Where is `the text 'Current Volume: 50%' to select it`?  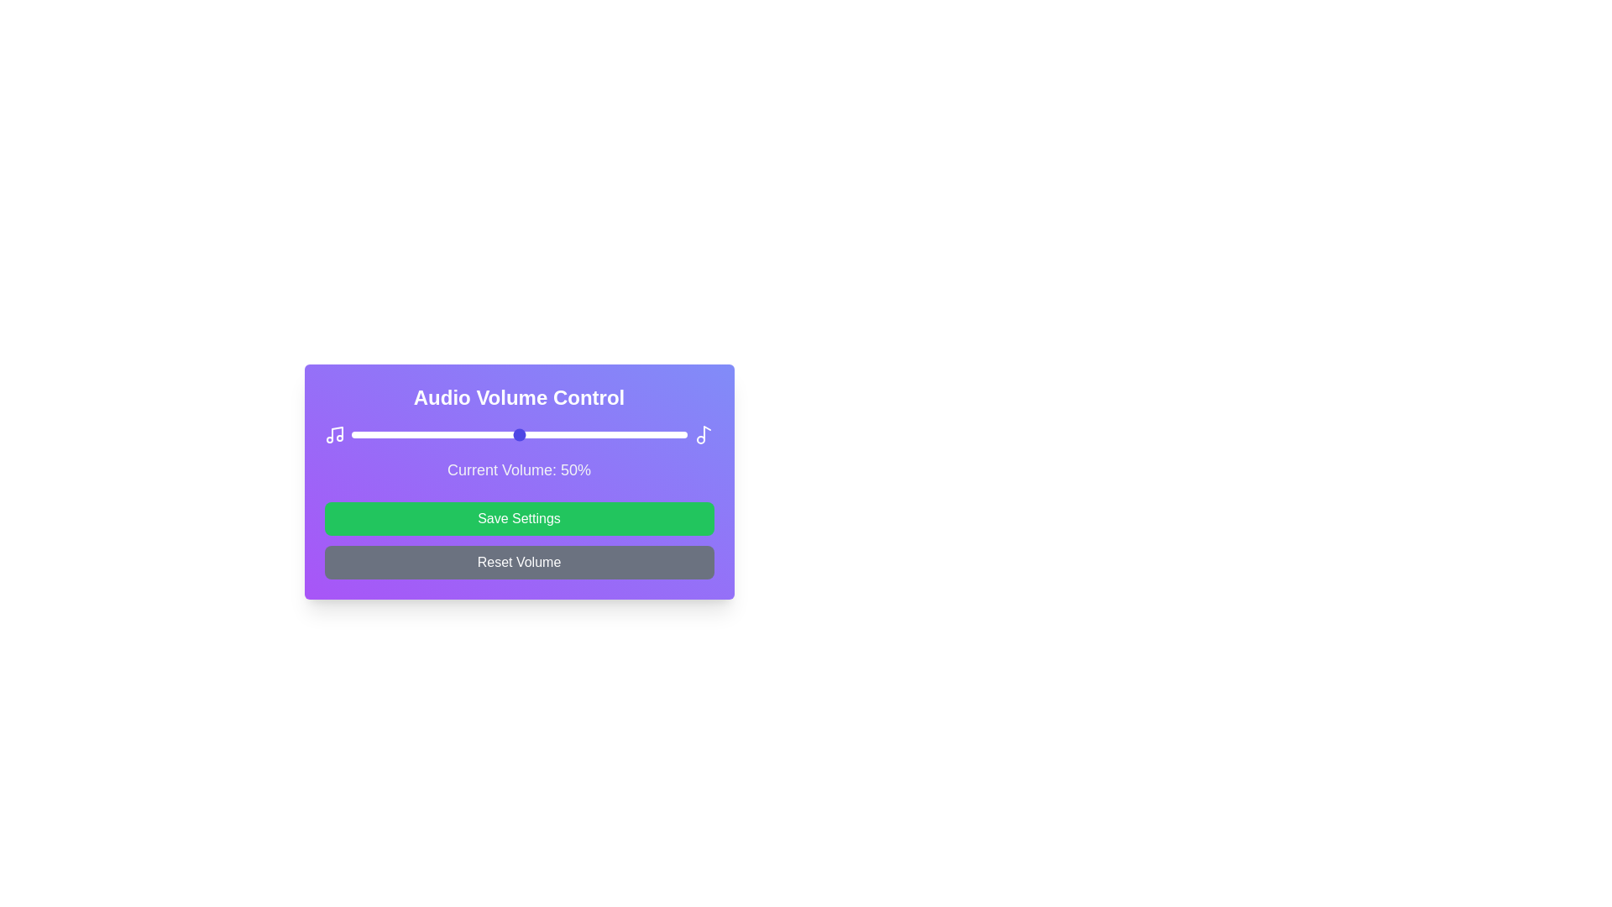 the text 'Current Volume: 50%' to select it is located at coordinates (518, 469).